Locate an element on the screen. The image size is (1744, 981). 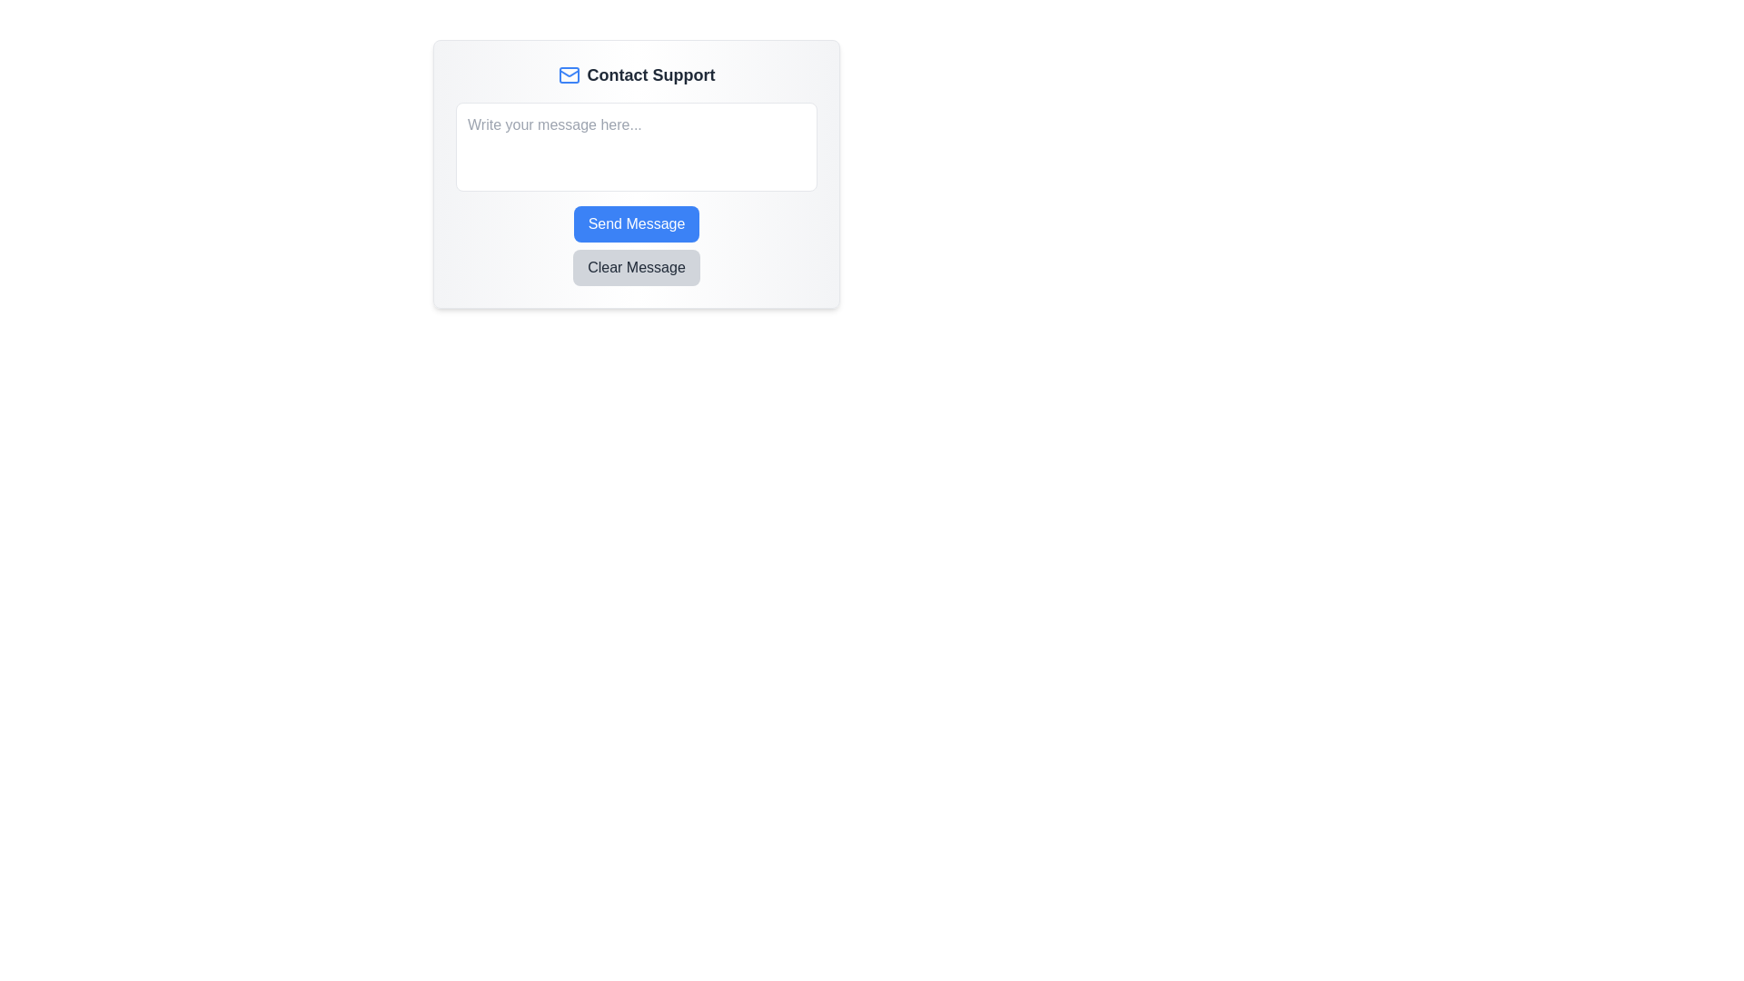
the mail or contact icon located to the left of the 'Contact Support' text is located at coordinates (568, 74).